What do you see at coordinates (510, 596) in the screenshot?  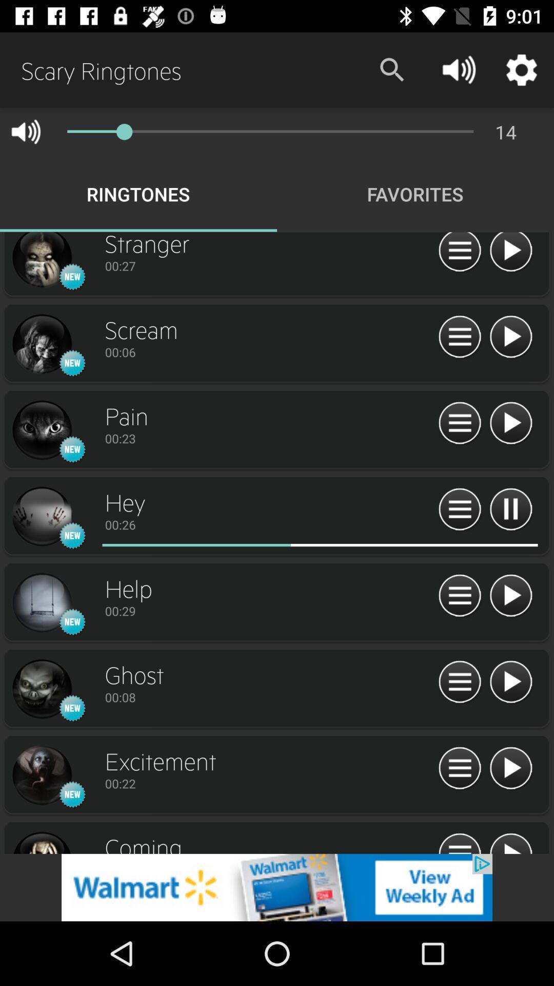 I see `option` at bounding box center [510, 596].